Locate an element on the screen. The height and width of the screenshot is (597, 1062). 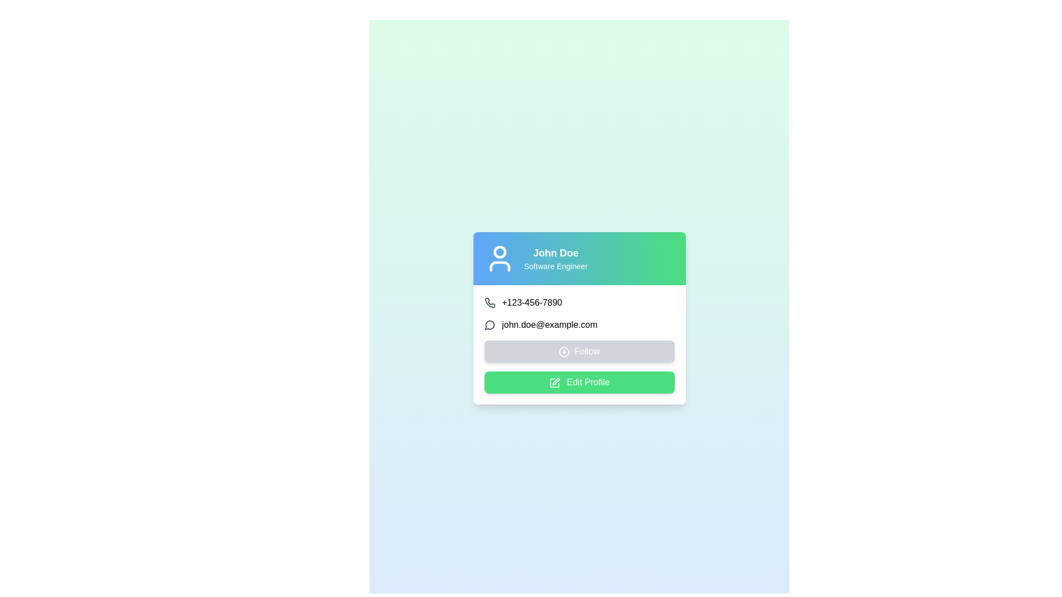
the circular profile icon located at the top left of the user card, directly to the left of the name 'John Doe' is located at coordinates (499, 252).